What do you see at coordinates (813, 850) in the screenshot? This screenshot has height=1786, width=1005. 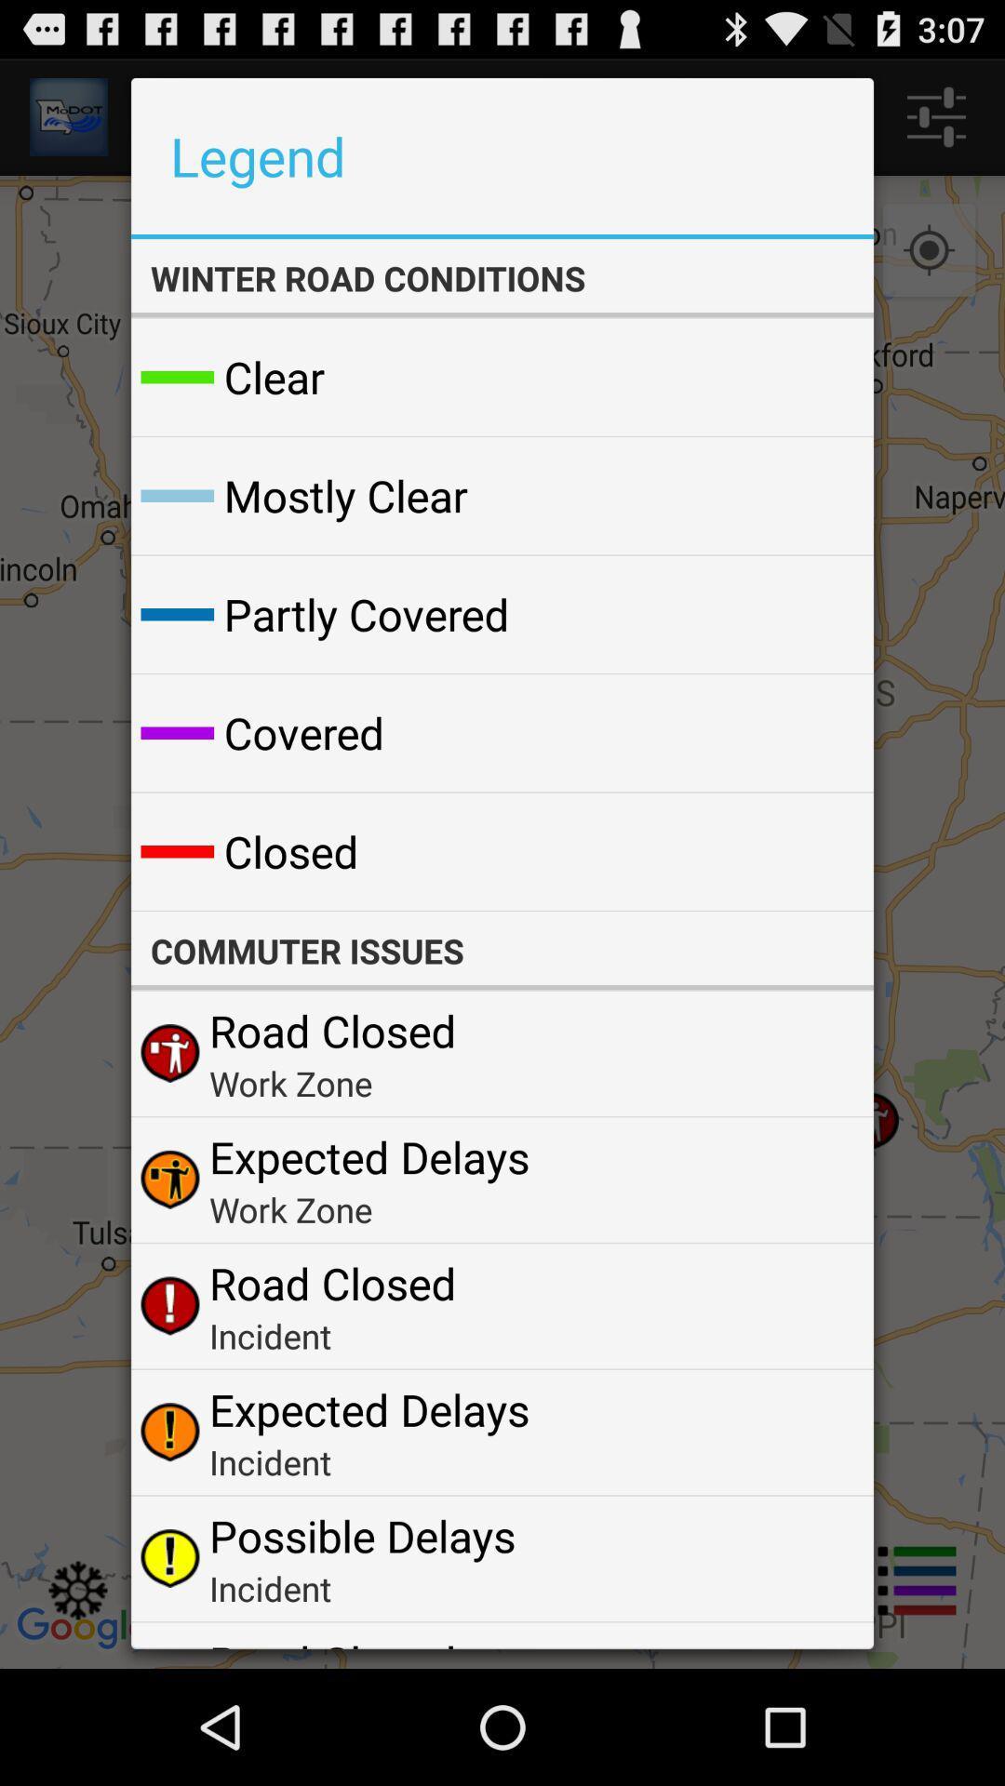 I see `the item above the commuter issues` at bounding box center [813, 850].